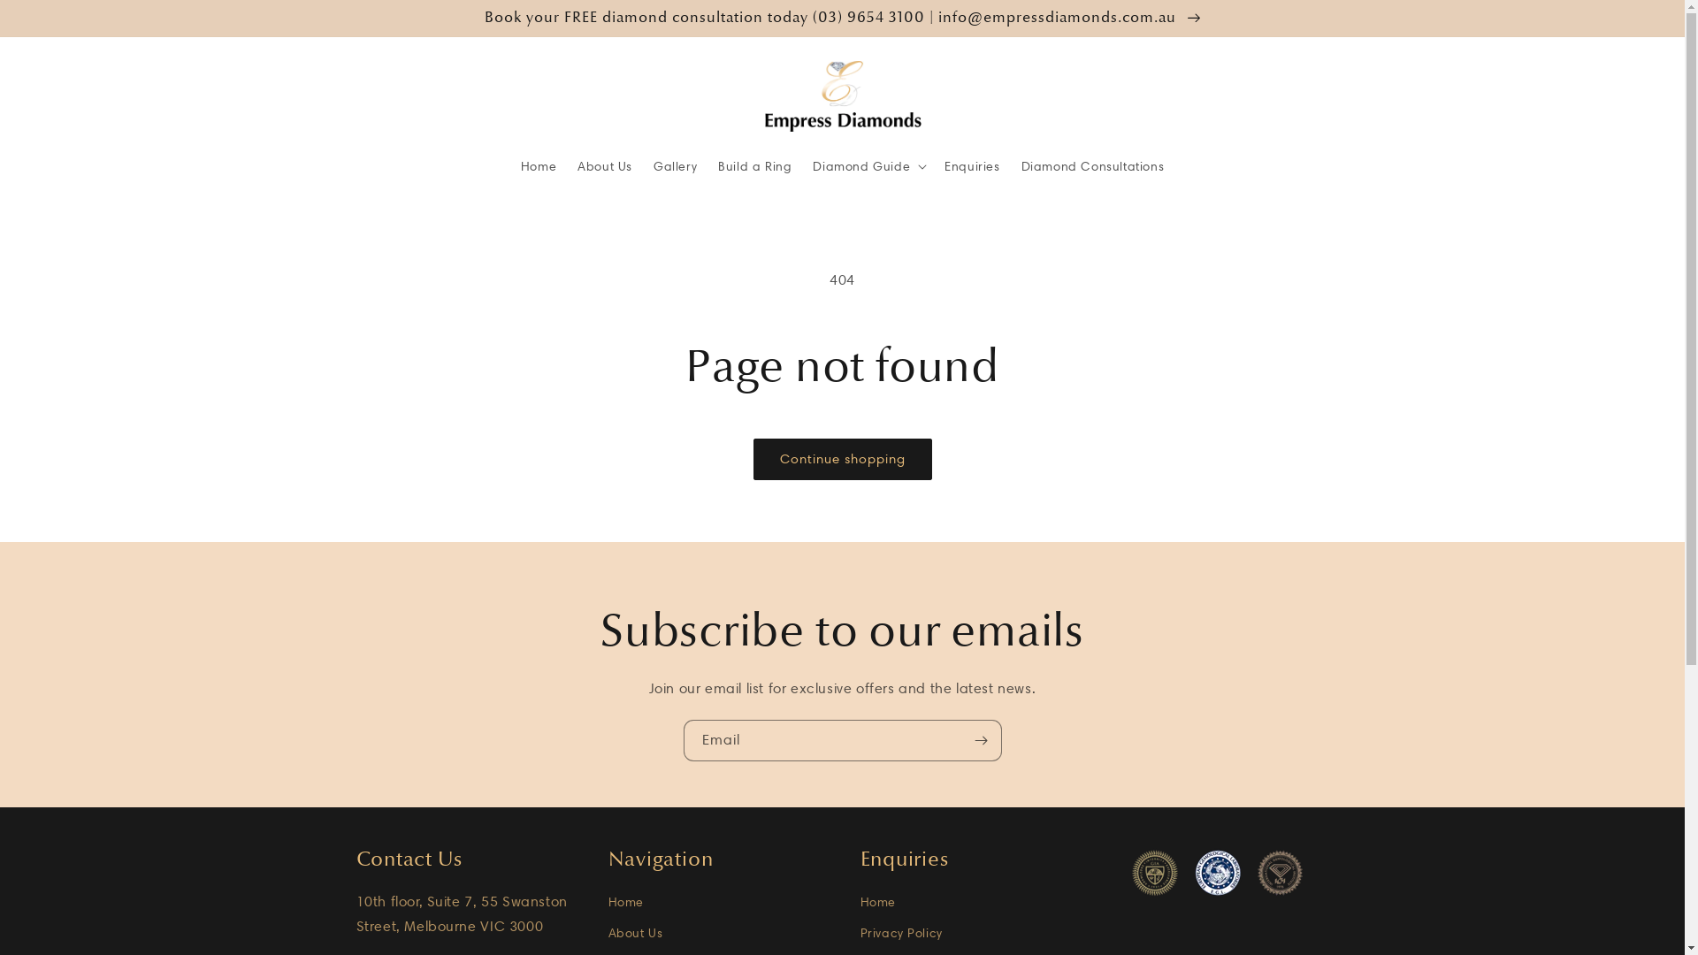 The image size is (1698, 955). I want to click on 'Home', so click(608, 904).